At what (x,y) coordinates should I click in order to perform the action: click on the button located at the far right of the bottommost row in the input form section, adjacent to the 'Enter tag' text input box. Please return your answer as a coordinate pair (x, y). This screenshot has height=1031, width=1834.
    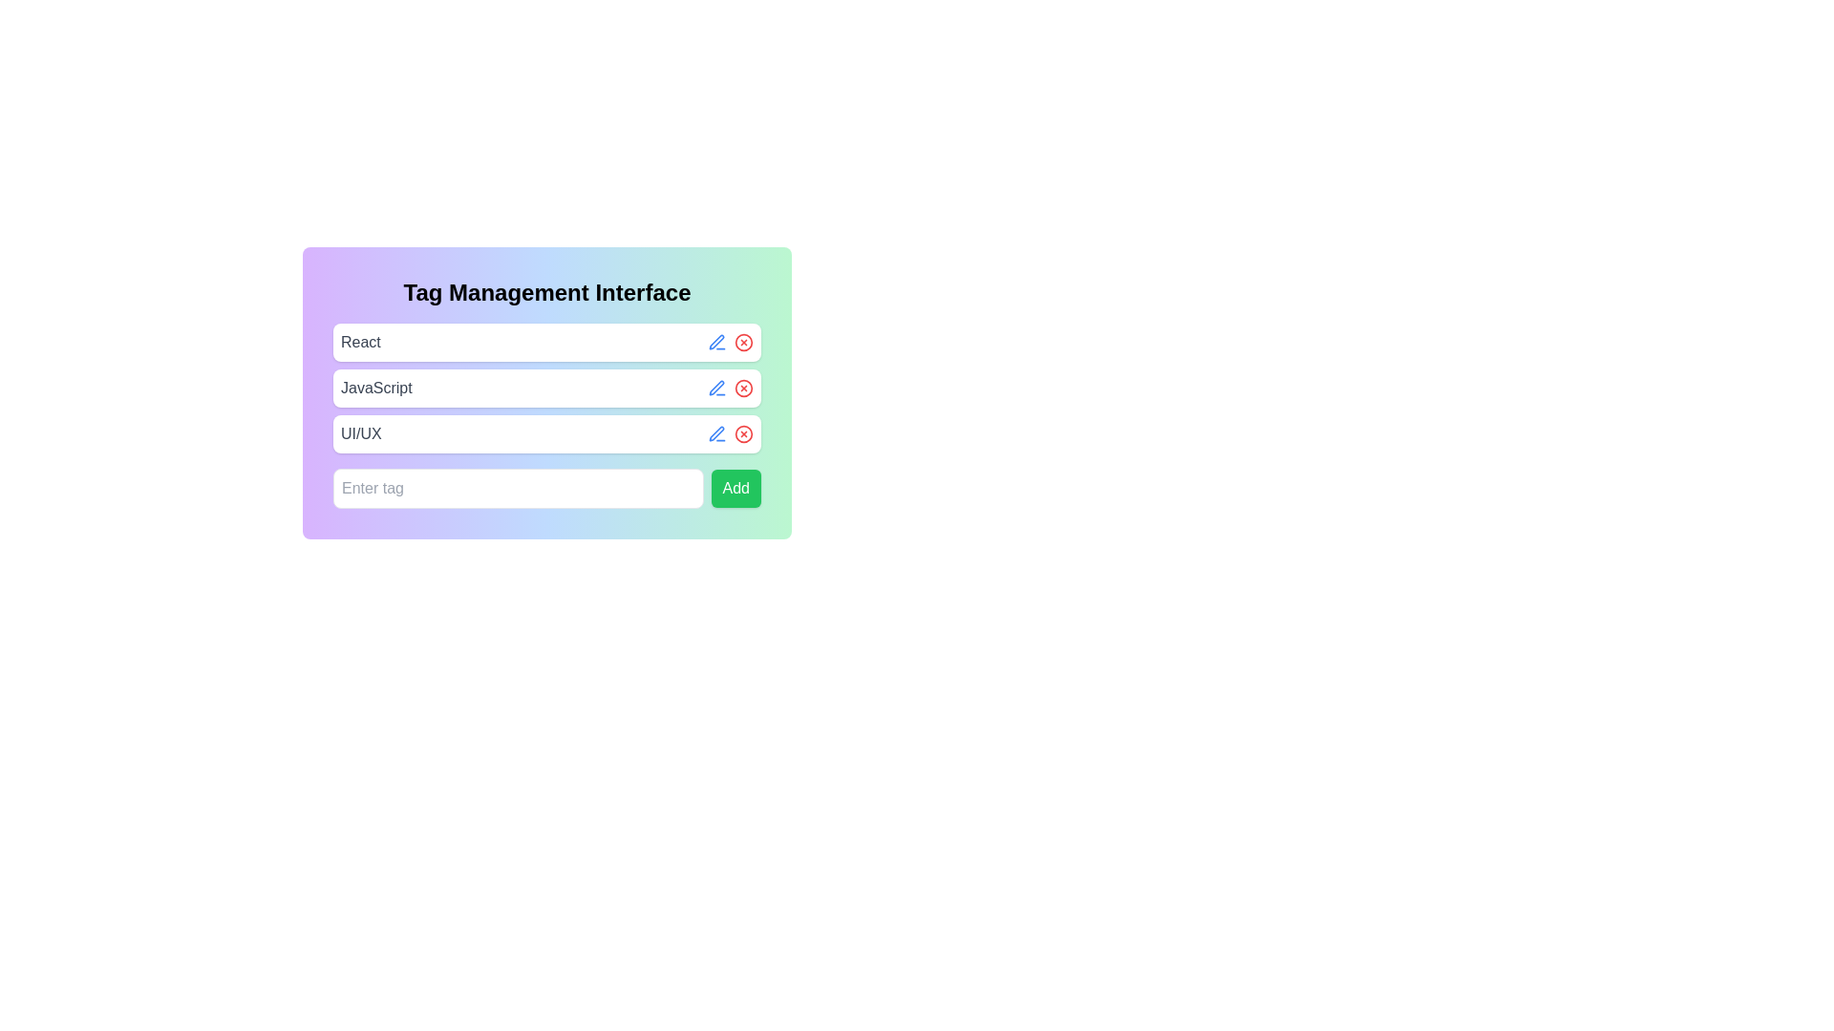
    Looking at the image, I should click on (735, 488).